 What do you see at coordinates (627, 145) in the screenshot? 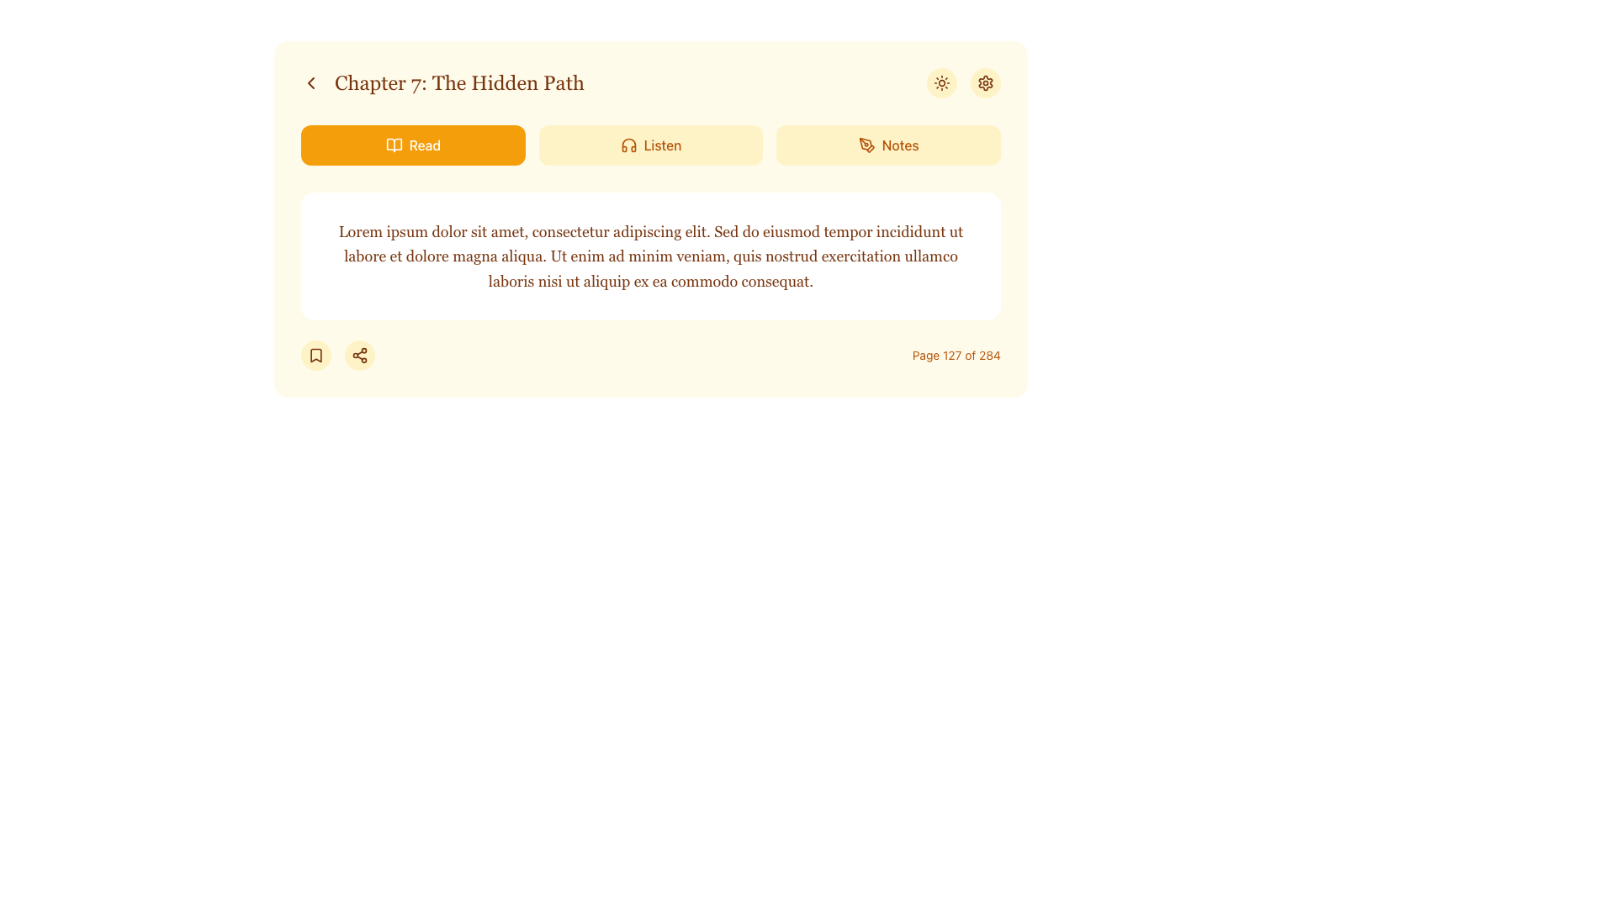
I see `the minimalist headphone icon located in the 'Listen' button in the top control bar of the interface` at bounding box center [627, 145].